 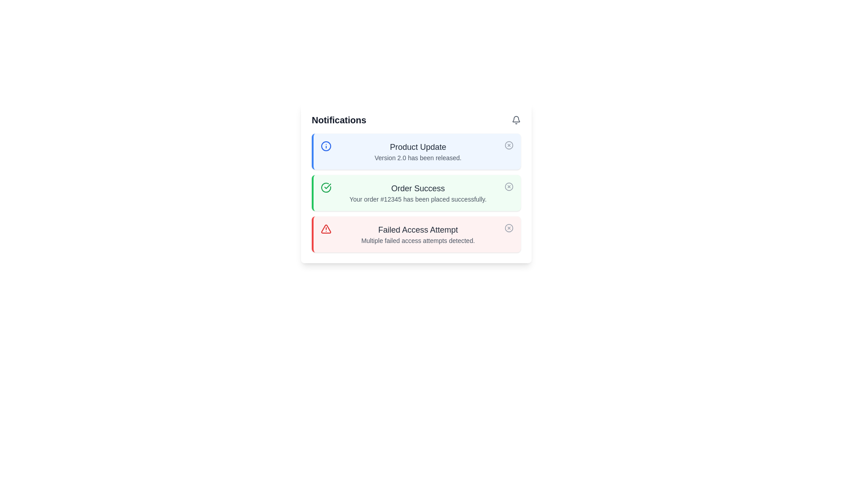 I want to click on the circular graphical element that serves as part of the dismiss button in the 'Order Success' notification row, so click(x=509, y=186).